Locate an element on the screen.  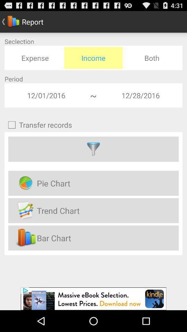
advertisement is located at coordinates (93, 298).